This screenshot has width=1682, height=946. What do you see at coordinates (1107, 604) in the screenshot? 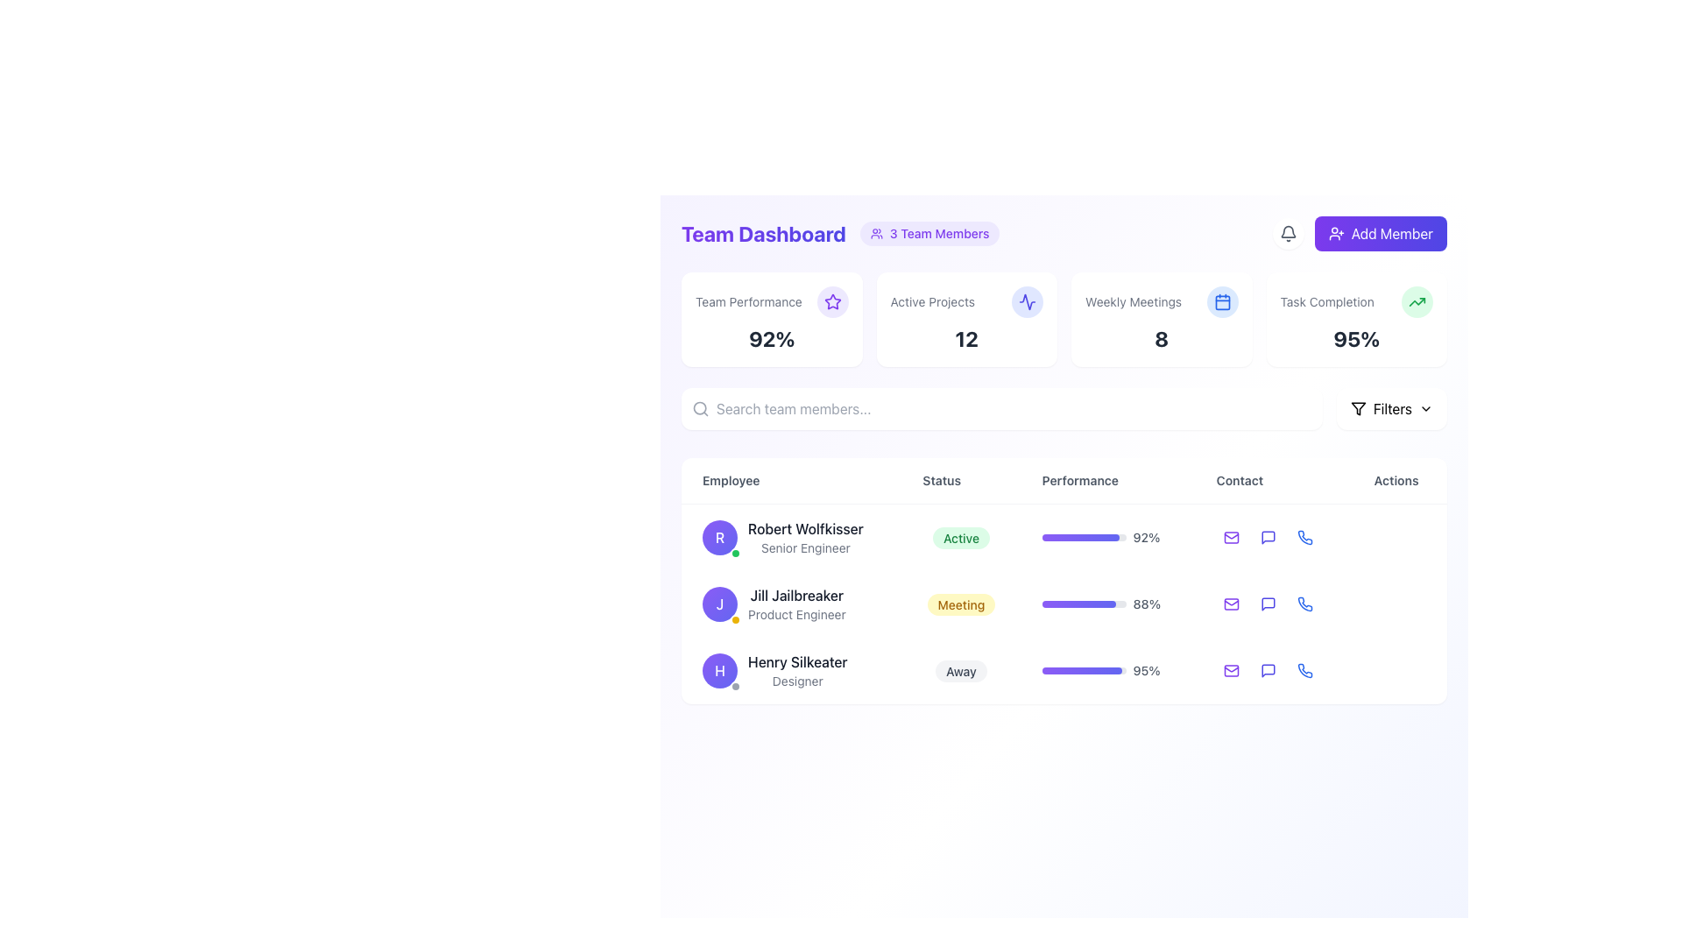
I see `the progress bar in the 'Performance' column of the second row for 'Jill Jailbreaker, Product Engineer' to utilize accessibility tools` at bounding box center [1107, 604].